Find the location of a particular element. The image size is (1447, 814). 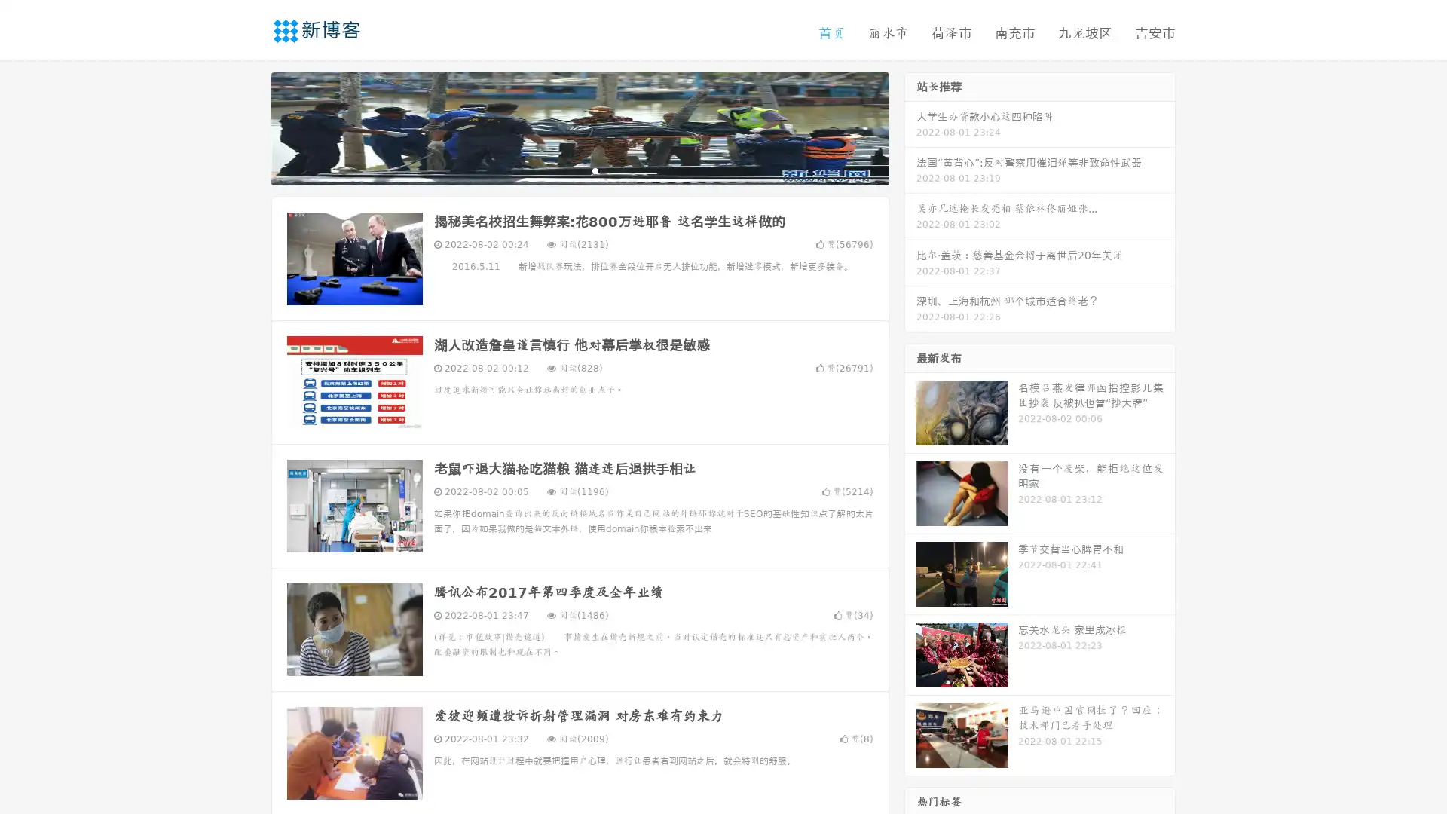

Go to slide 3 is located at coordinates (595, 170).